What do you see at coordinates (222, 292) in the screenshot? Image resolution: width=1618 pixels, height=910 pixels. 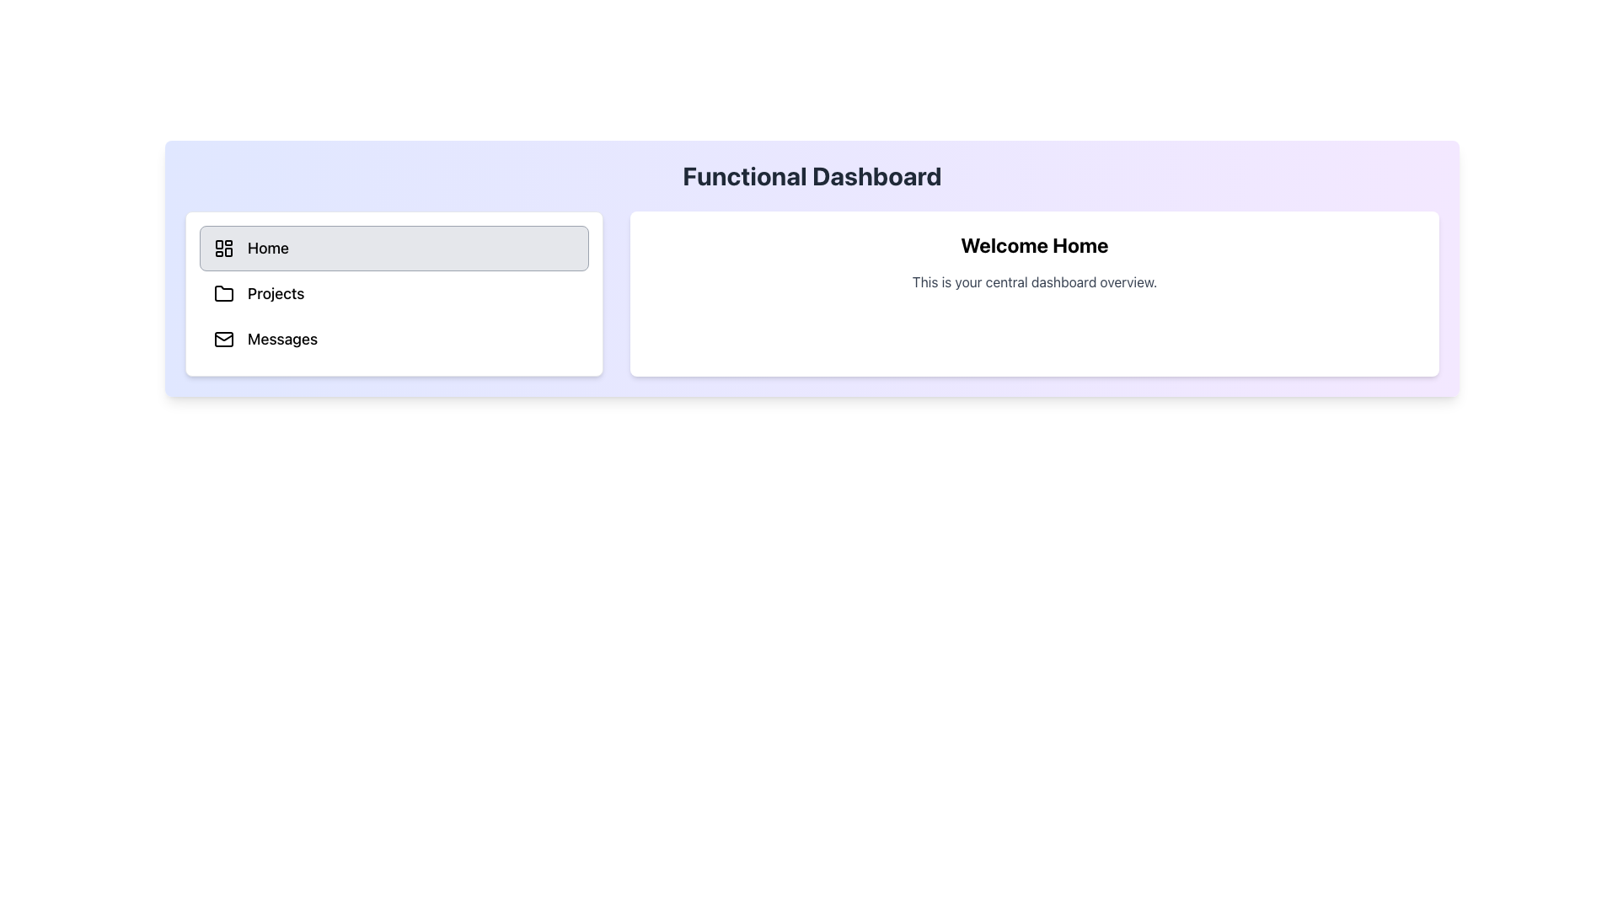 I see `the folder icon representing projects, which is located to the left of the 'Projects' label in the menu list` at bounding box center [222, 292].